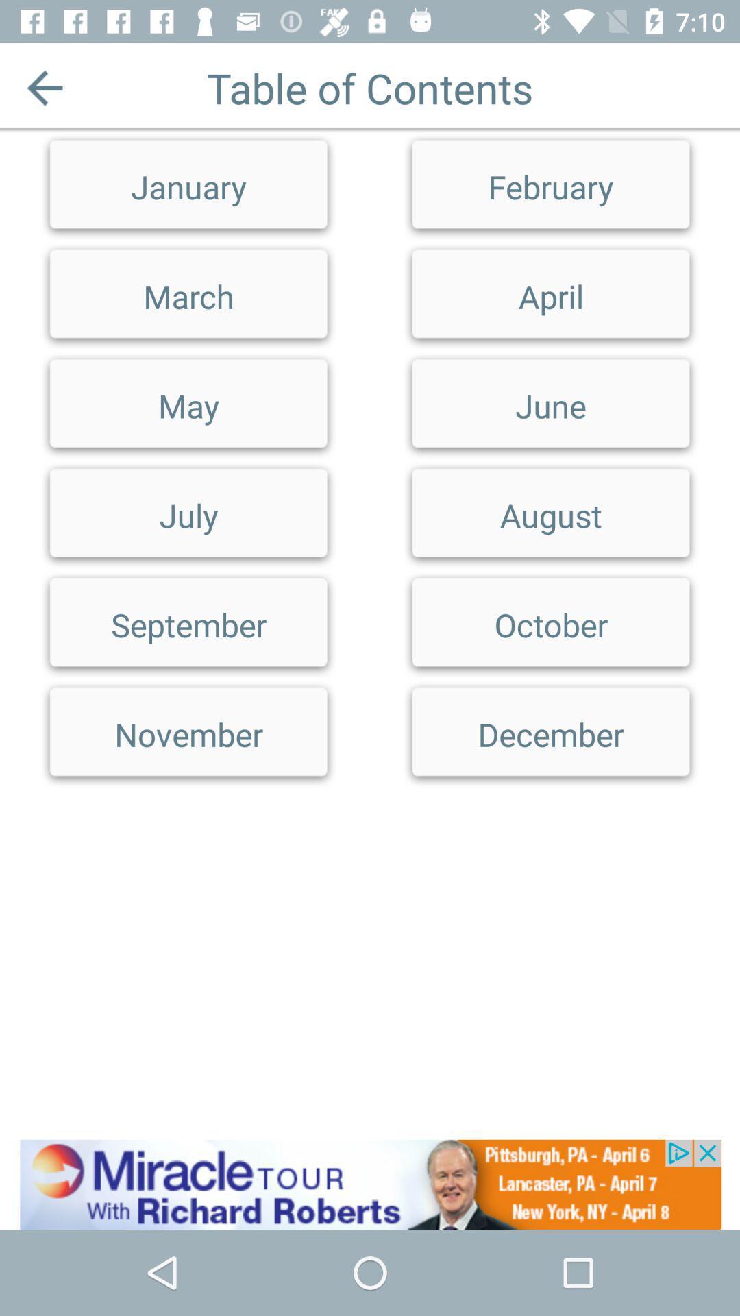 The image size is (740, 1316). I want to click on visit miracle tour, so click(370, 1184).